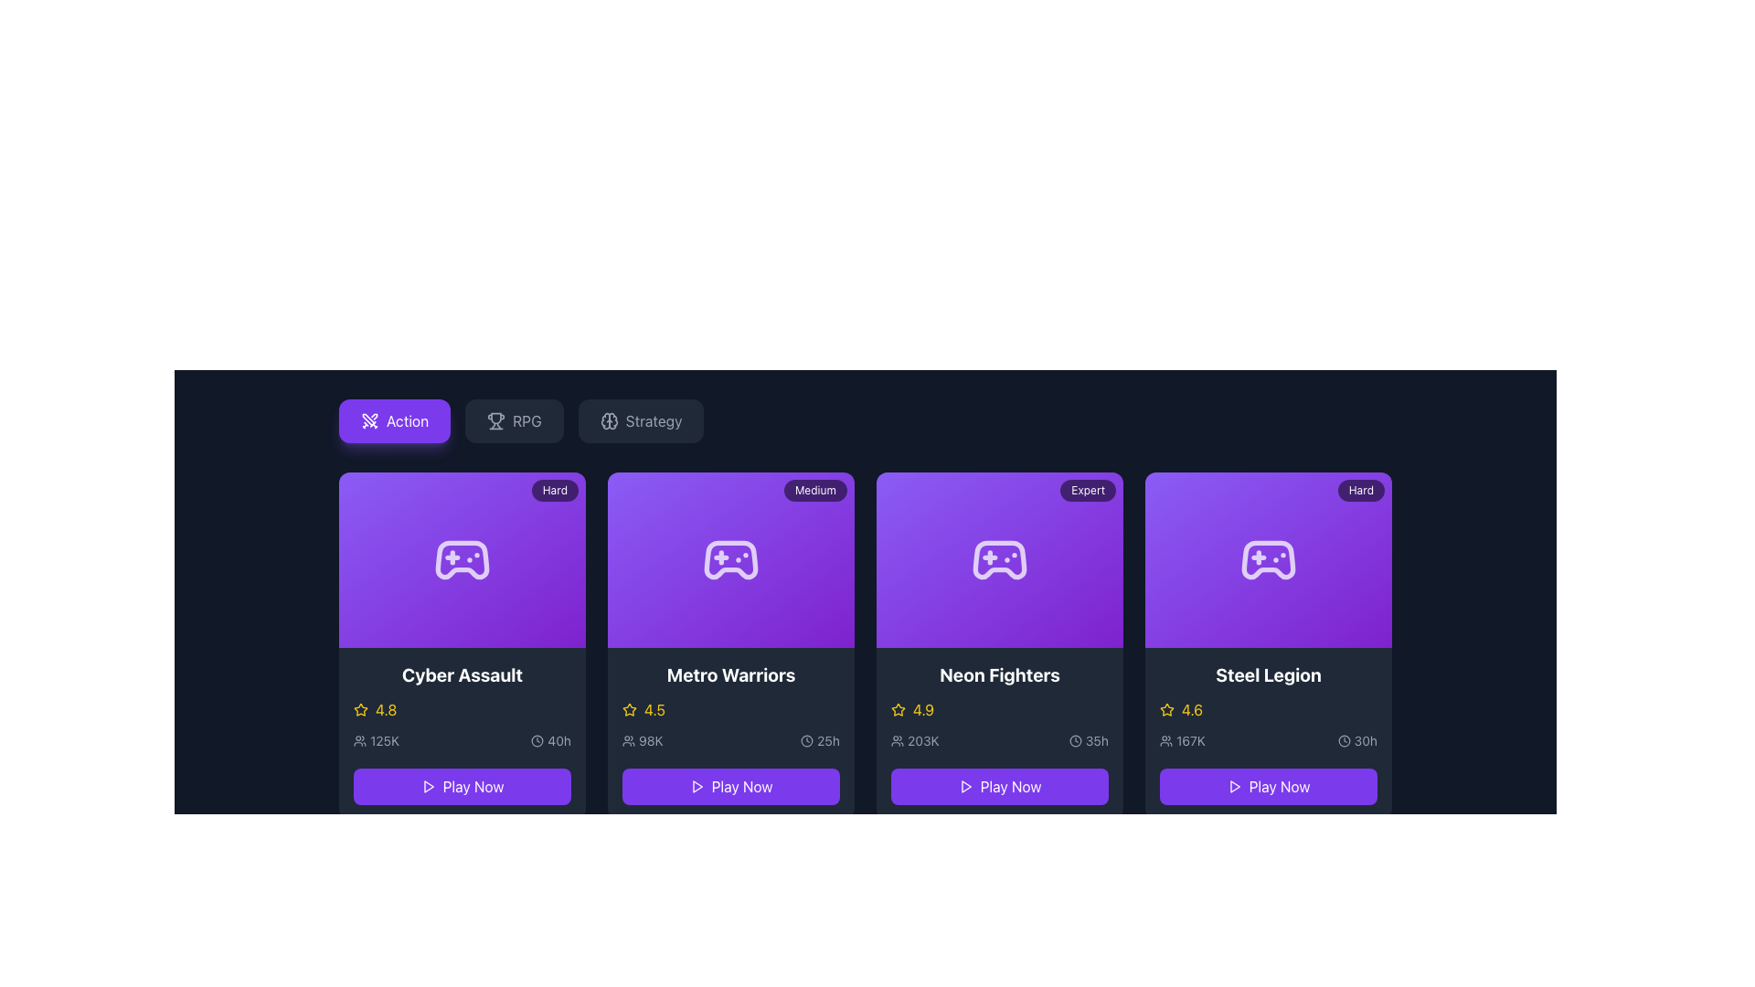 The width and height of the screenshot is (1755, 987). Describe the element at coordinates (731, 559) in the screenshot. I see `the game controller icon located in the 'Metro Warriors' card, which features a central cross-shaped directional pad and three circular buttons, highlighted with a purple background` at that location.